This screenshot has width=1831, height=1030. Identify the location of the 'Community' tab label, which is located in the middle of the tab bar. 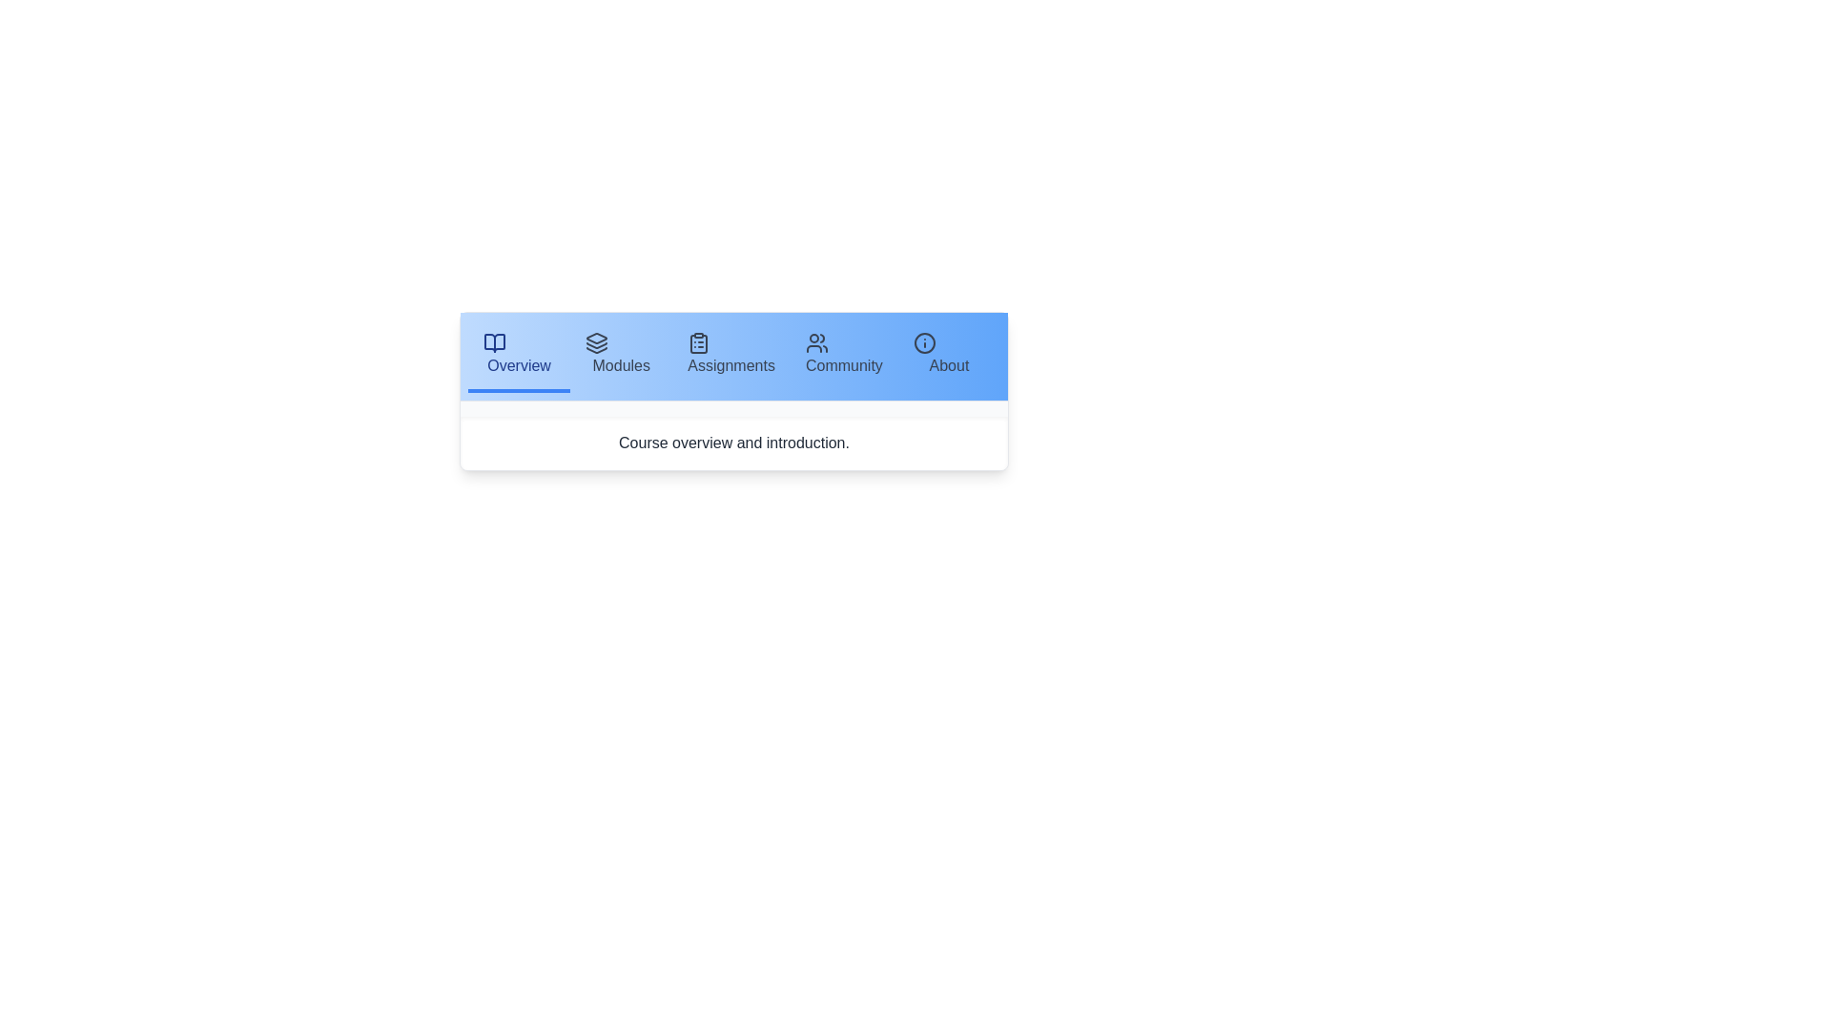
(843, 366).